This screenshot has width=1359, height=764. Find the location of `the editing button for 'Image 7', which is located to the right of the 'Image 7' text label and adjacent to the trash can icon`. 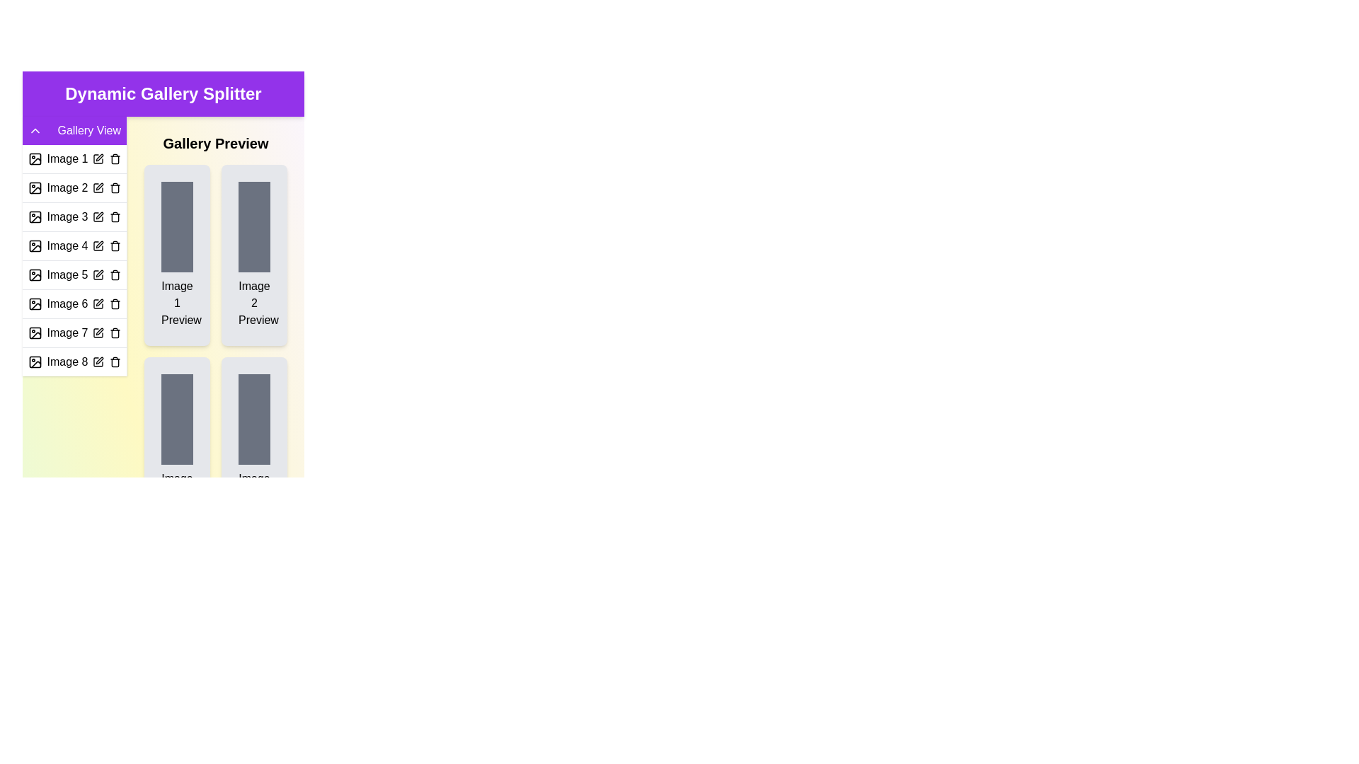

the editing button for 'Image 7', which is located to the right of the 'Image 7' text label and adjacent to the trash can icon is located at coordinates (98, 332).